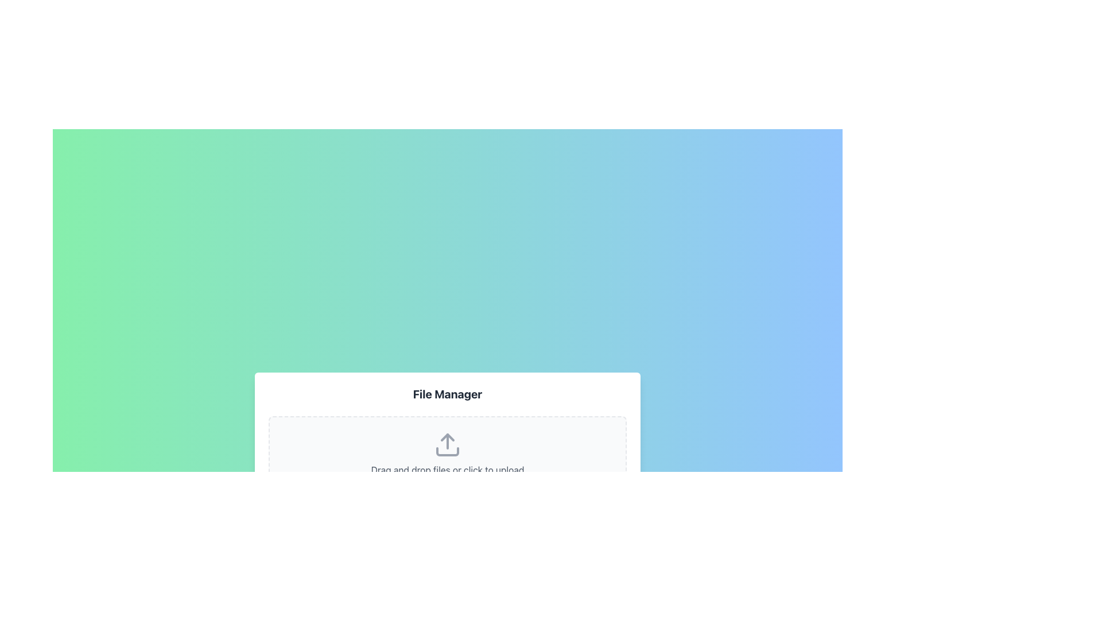  Describe the element at coordinates (447, 444) in the screenshot. I see `the upload icon, which is a gray arrow pointing upwards within a dashed border, indicating file upload functionality` at that location.